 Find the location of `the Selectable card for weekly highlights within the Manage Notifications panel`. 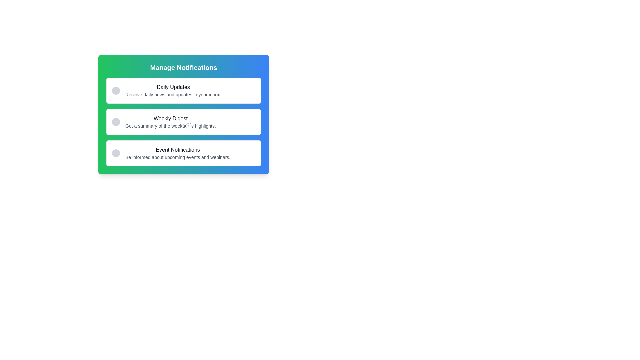

the Selectable card for weekly highlights within the Manage Notifications panel is located at coordinates (184, 122).